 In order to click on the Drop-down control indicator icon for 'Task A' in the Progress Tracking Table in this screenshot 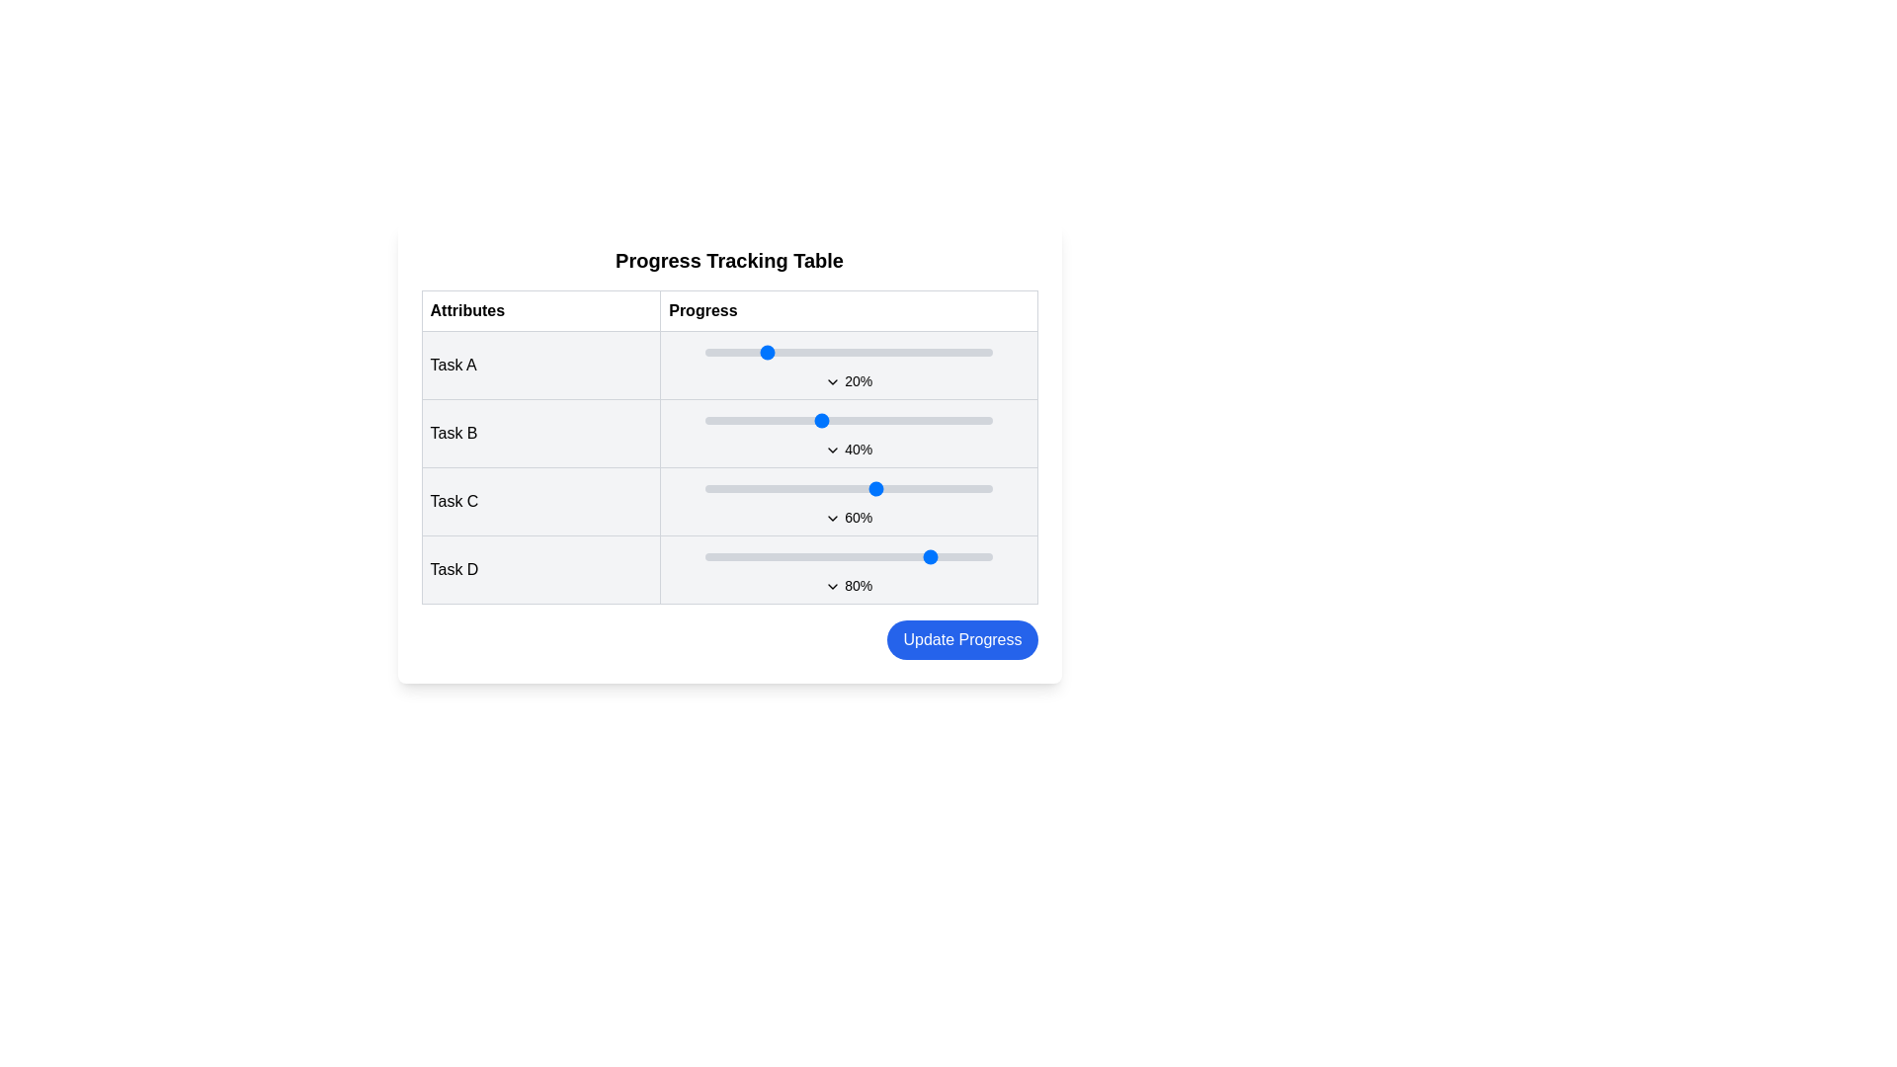, I will do `click(849, 366)`.